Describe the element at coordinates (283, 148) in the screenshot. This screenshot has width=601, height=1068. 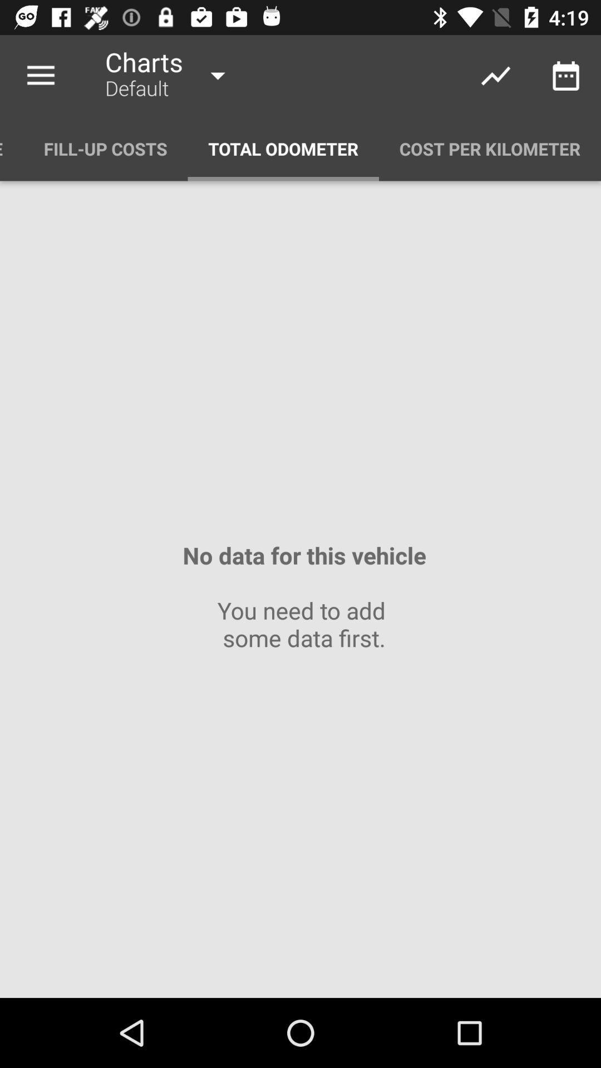
I see `the total odometer at the top` at that location.